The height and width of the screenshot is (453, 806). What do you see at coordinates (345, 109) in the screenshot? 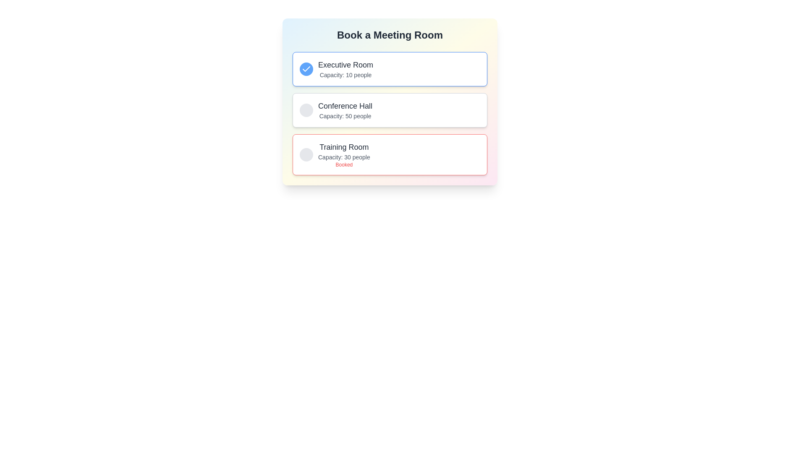
I see `information displayed in the informational text block about the 'Conference Hall', which includes its capacity of '50 people'. This element is the second option in a vertical list of room details` at bounding box center [345, 109].